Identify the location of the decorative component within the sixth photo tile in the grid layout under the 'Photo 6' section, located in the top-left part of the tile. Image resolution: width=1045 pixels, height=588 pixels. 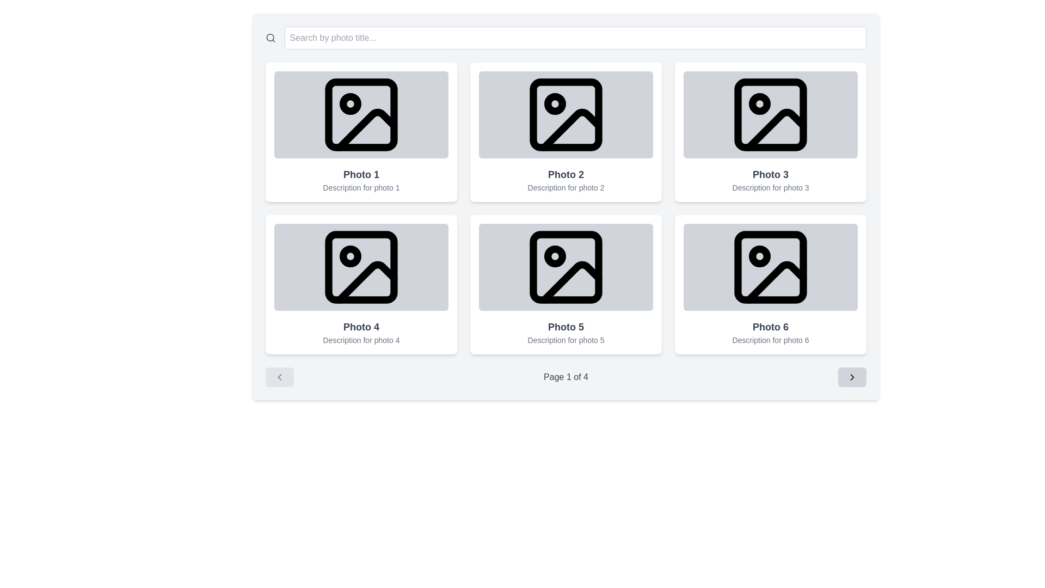
(759, 256).